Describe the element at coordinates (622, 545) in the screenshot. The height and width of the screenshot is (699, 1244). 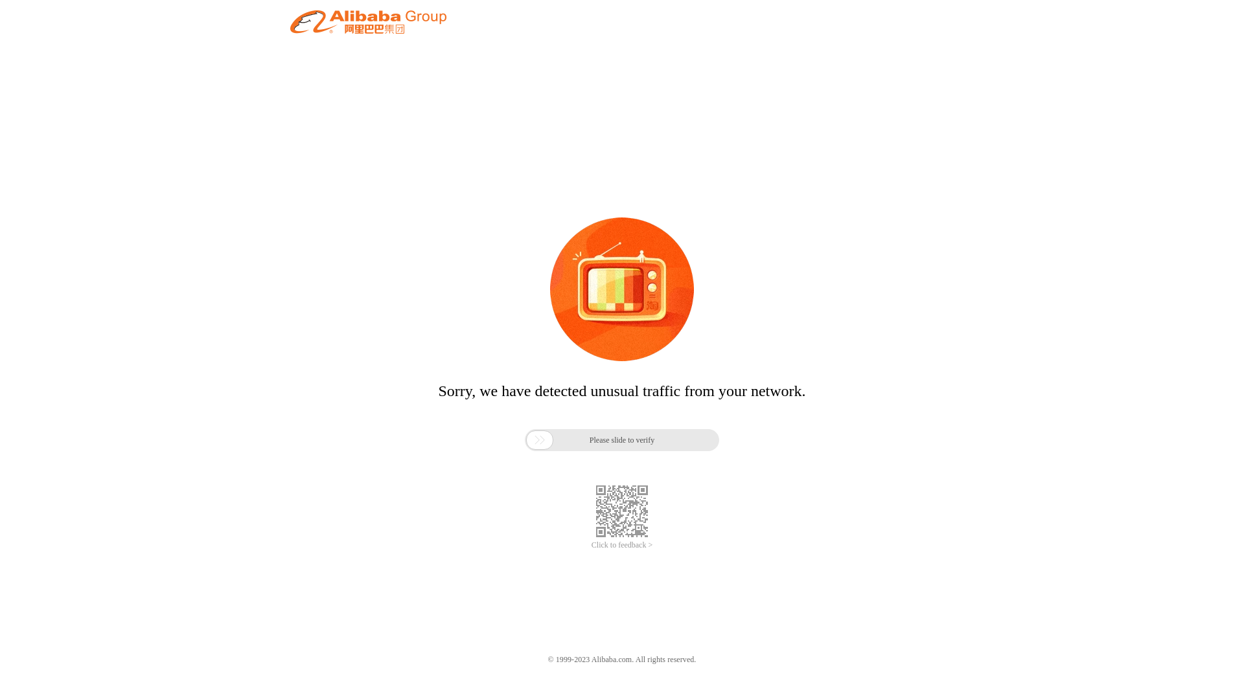
I see `'Click to feedback >'` at that location.